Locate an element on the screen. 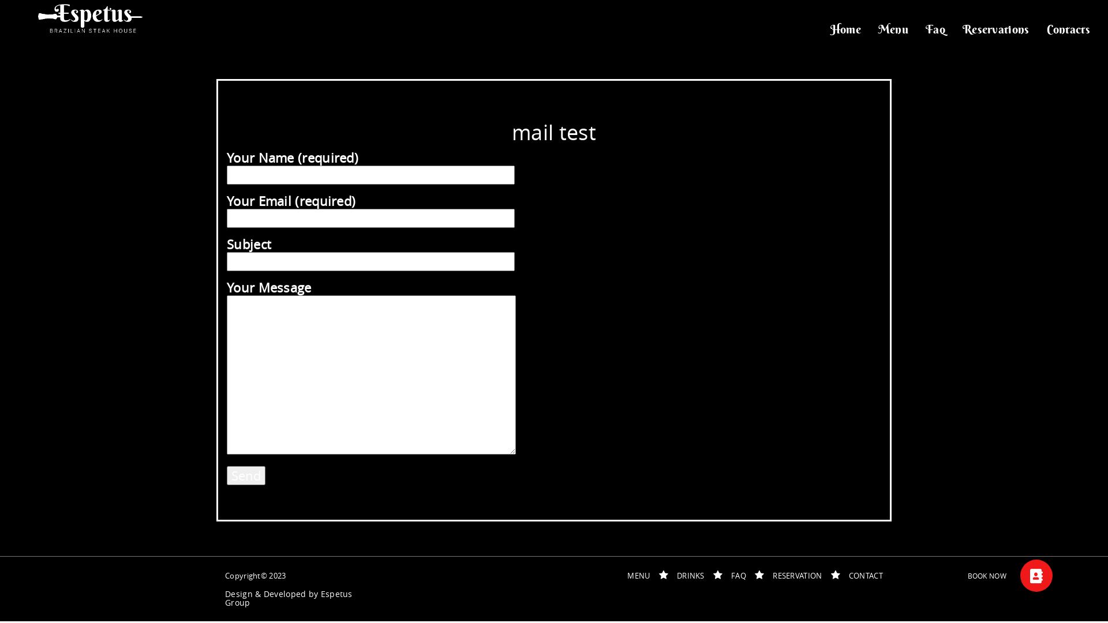 This screenshot has height=623, width=1108. 'Menu' is located at coordinates (893, 28).